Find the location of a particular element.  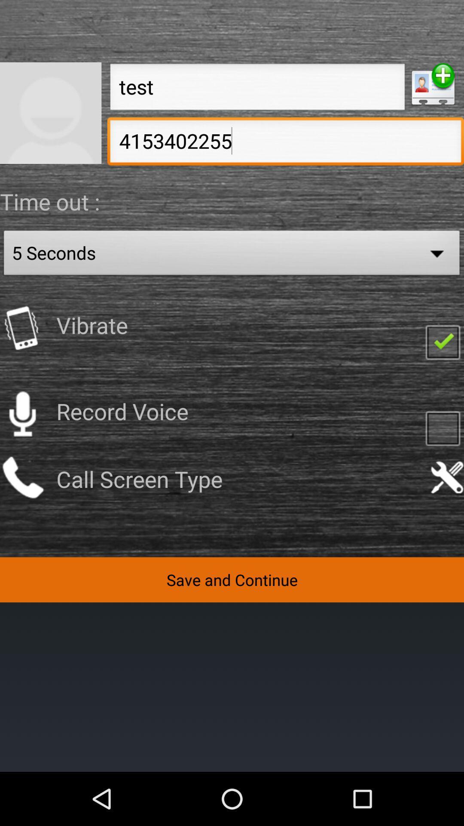

vibrate is located at coordinates (22, 327).